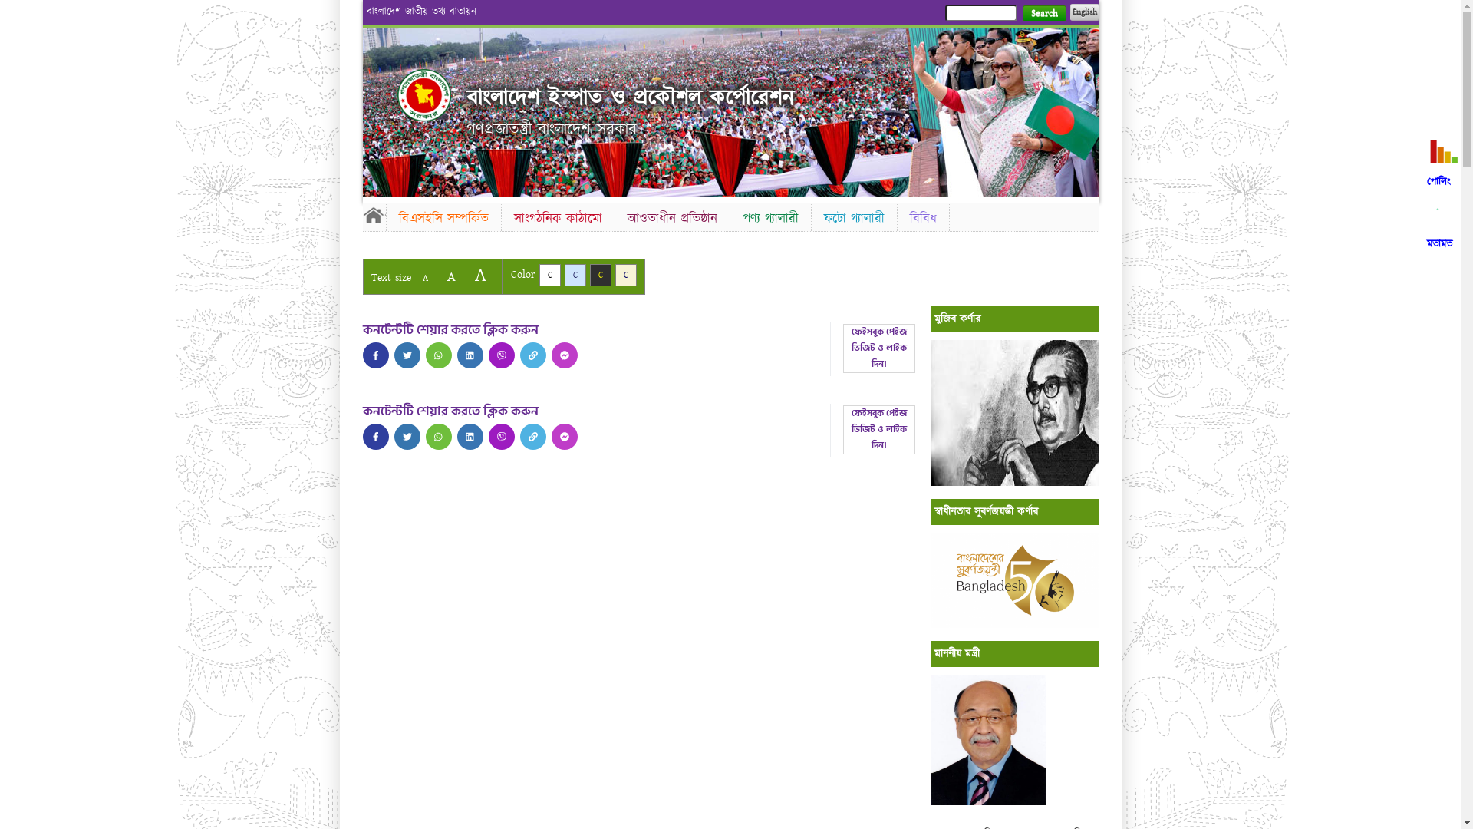 Image resolution: width=1473 pixels, height=829 pixels. What do you see at coordinates (599, 274) in the screenshot?
I see `'C'` at bounding box center [599, 274].